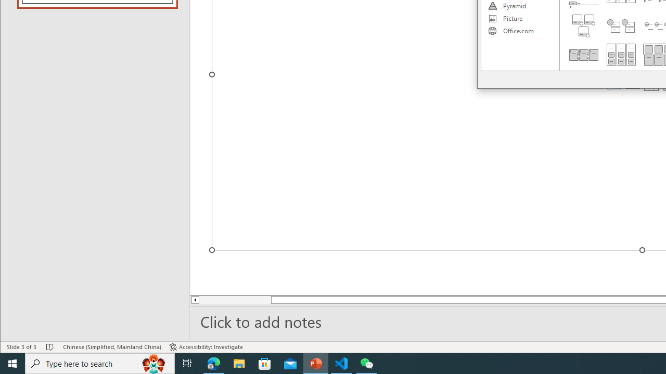  Describe the element at coordinates (213, 363) in the screenshot. I see `'Microsoft Edge - 1 running window'` at that location.